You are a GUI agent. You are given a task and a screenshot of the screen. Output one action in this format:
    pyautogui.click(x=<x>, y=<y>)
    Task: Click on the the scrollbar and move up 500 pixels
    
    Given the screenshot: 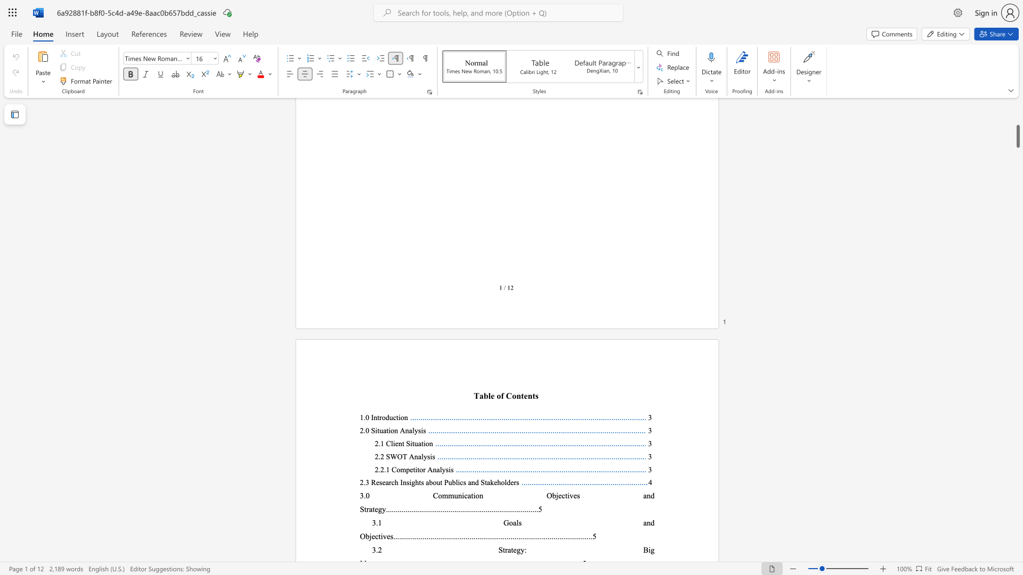 What is the action you would take?
    pyautogui.click(x=1017, y=136)
    